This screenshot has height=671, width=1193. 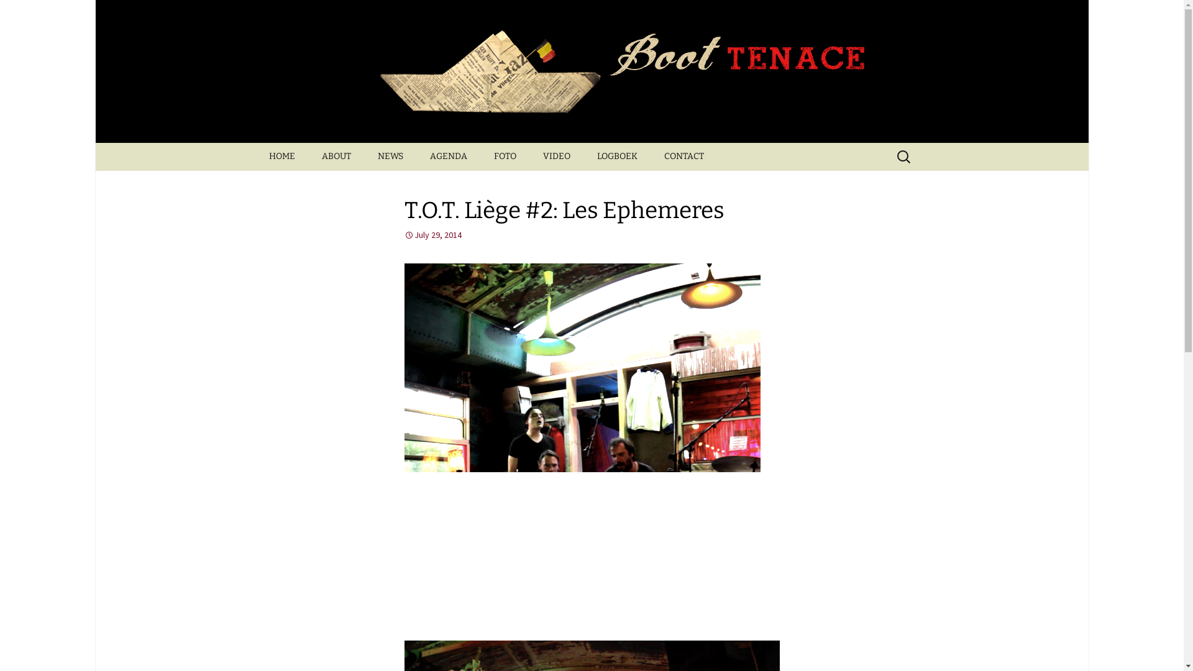 What do you see at coordinates (15, 12) in the screenshot?
I see `'Search'` at bounding box center [15, 12].